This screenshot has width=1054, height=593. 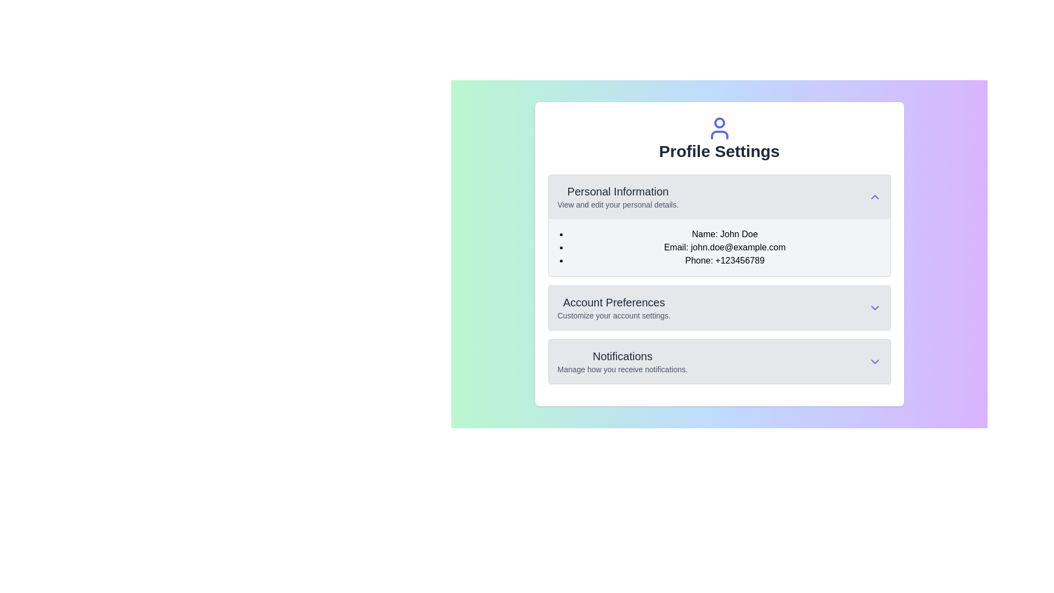 I want to click on the second item in the vertical list that allows users to manage their account preferences, so click(x=719, y=307).